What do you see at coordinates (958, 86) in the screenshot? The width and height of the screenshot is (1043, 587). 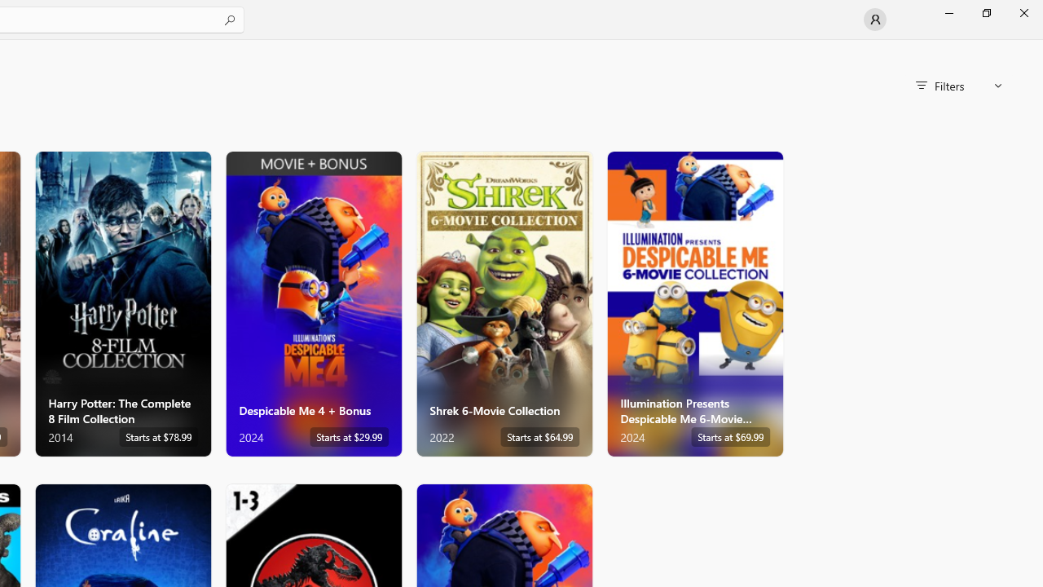 I see `'Filters'` at bounding box center [958, 86].